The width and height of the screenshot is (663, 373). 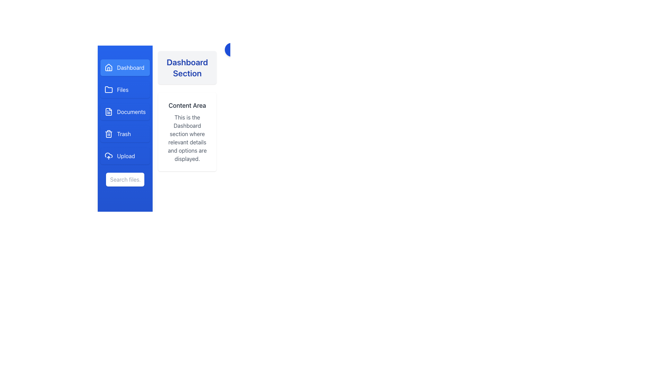 What do you see at coordinates (108, 156) in the screenshot?
I see `the cloud icon with an upward arrow, which is part of the 'Upload' button located in the vertical navigation bar` at bounding box center [108, 156].